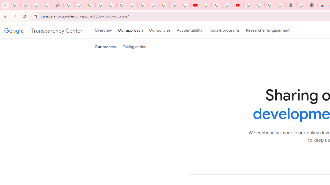 Image resolution: width=330 pixels, height=185 pixels. Describe the element at coordinates (105, 47) in the screenshot. I see `'Our process'` at that location.